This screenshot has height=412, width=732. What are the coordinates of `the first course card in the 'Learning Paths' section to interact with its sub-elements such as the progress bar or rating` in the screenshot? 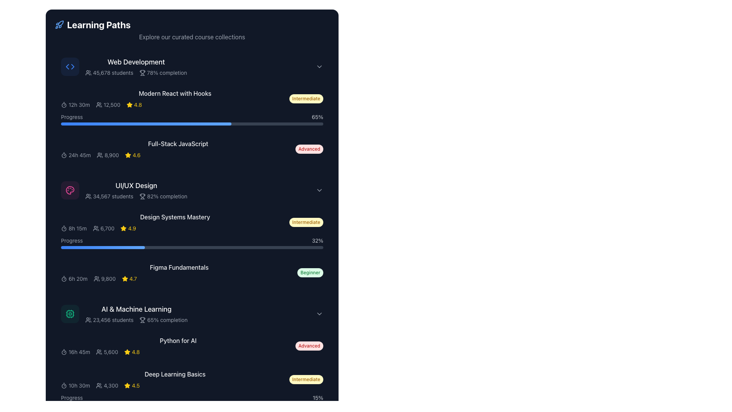 It's located at (192, 107).